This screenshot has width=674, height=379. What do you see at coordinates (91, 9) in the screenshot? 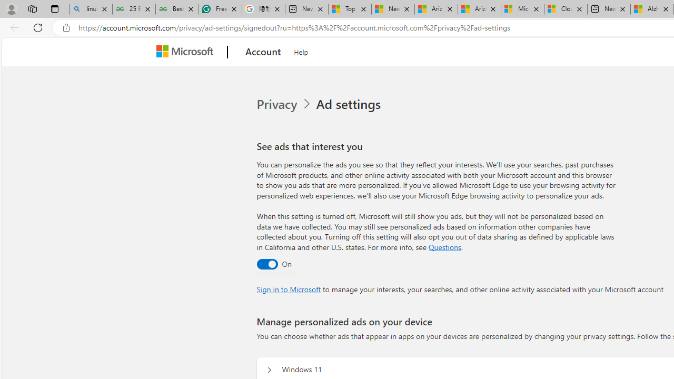
I see `'linux basic - Search'` at bounding box center [91, 9].